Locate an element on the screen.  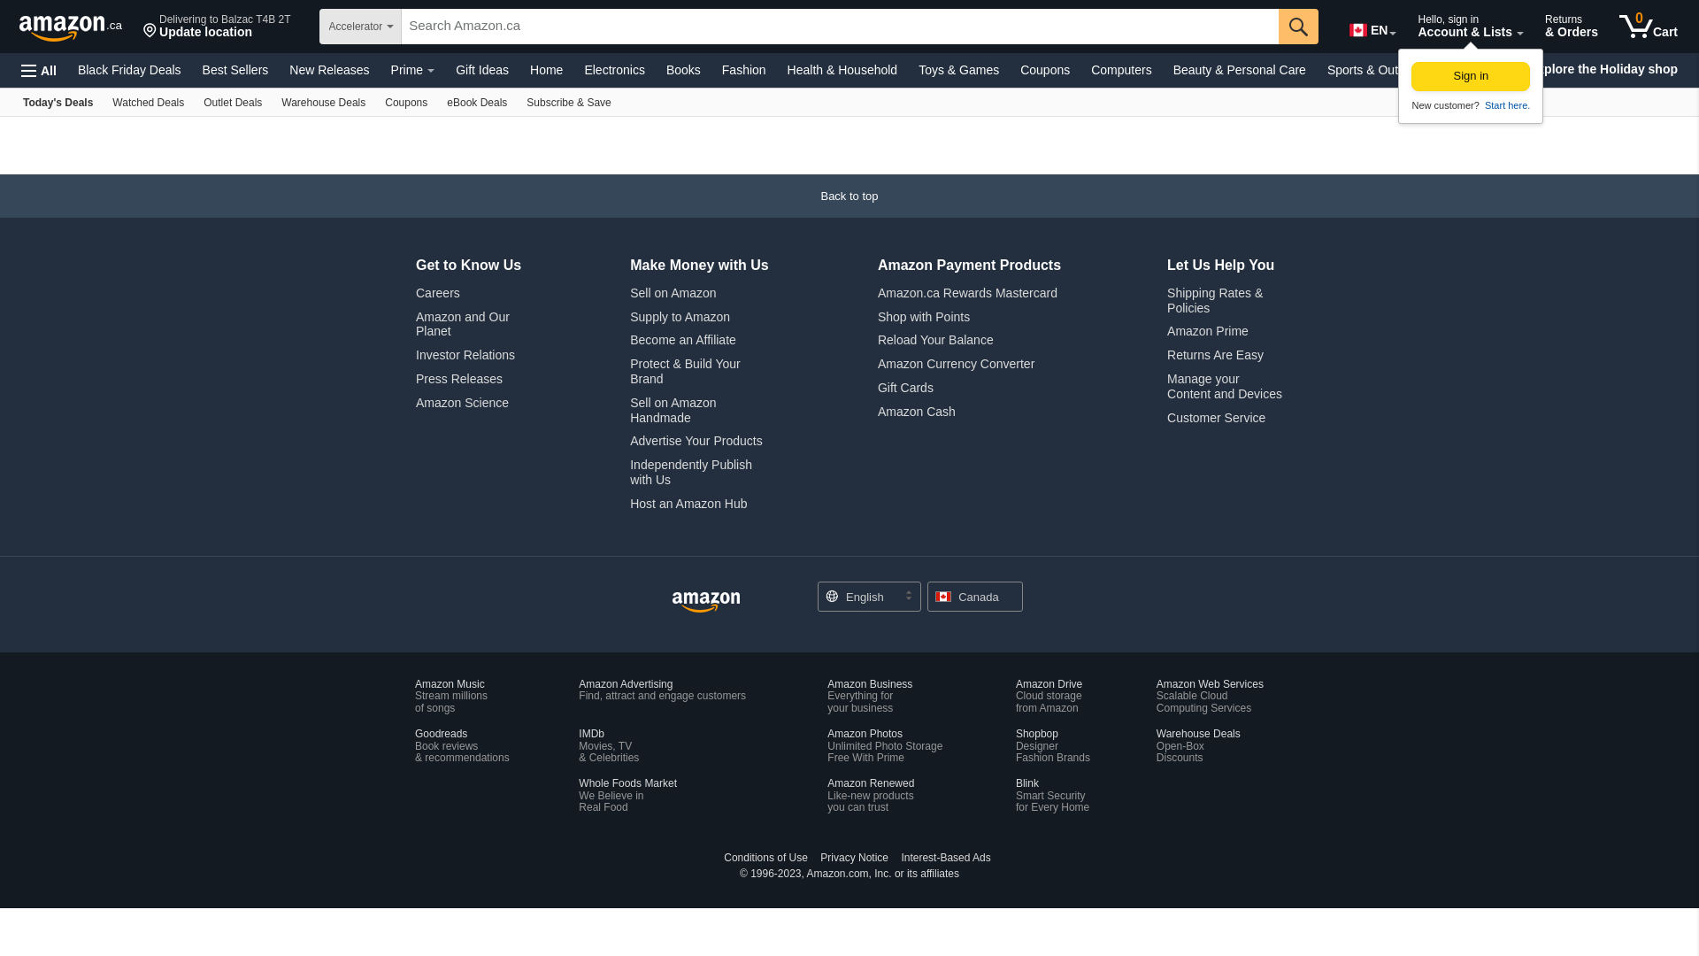
'0 is located at coordinates (1611, 27).